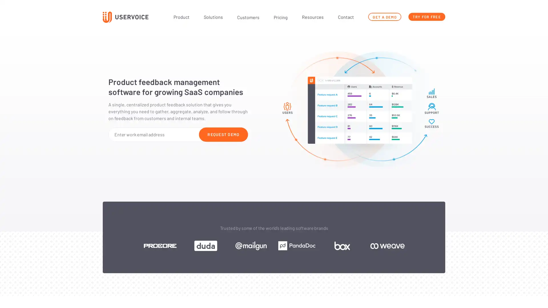 The image size is (548, 308). Describe the element at coordinates (223, 134) in the screenshot. I see `Request Demo` at that location.